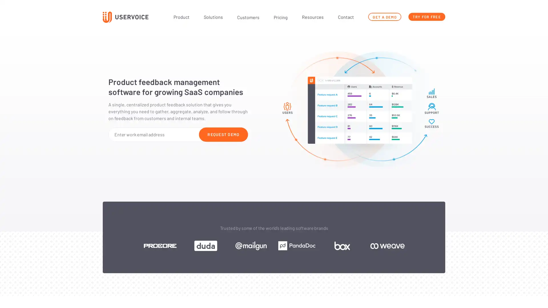 The image size is (548, 308). Describe the element at coordinates (223, 134) in the screenshot. I see `Request Demo` at that location.